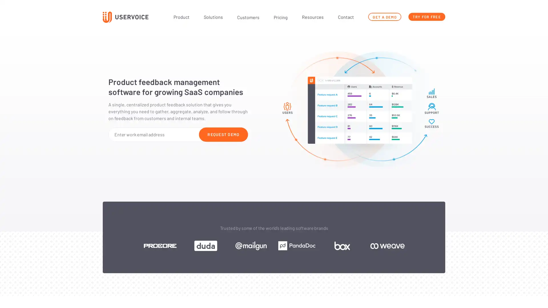 The image size is (548, 308). Describe the element at coordinates (223, 134) in the screenshot. I see `Request Demo` at that location.